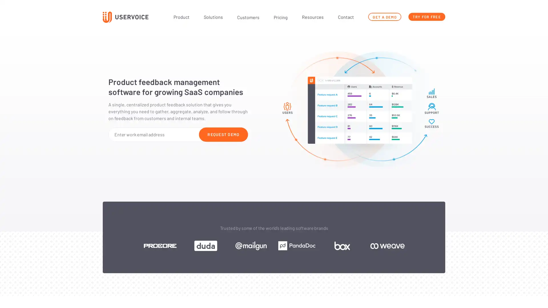 The image size is (548, 308). Describe the element at coordinates (223, 134) in the screenshot. I see `Request Demo` at that location.